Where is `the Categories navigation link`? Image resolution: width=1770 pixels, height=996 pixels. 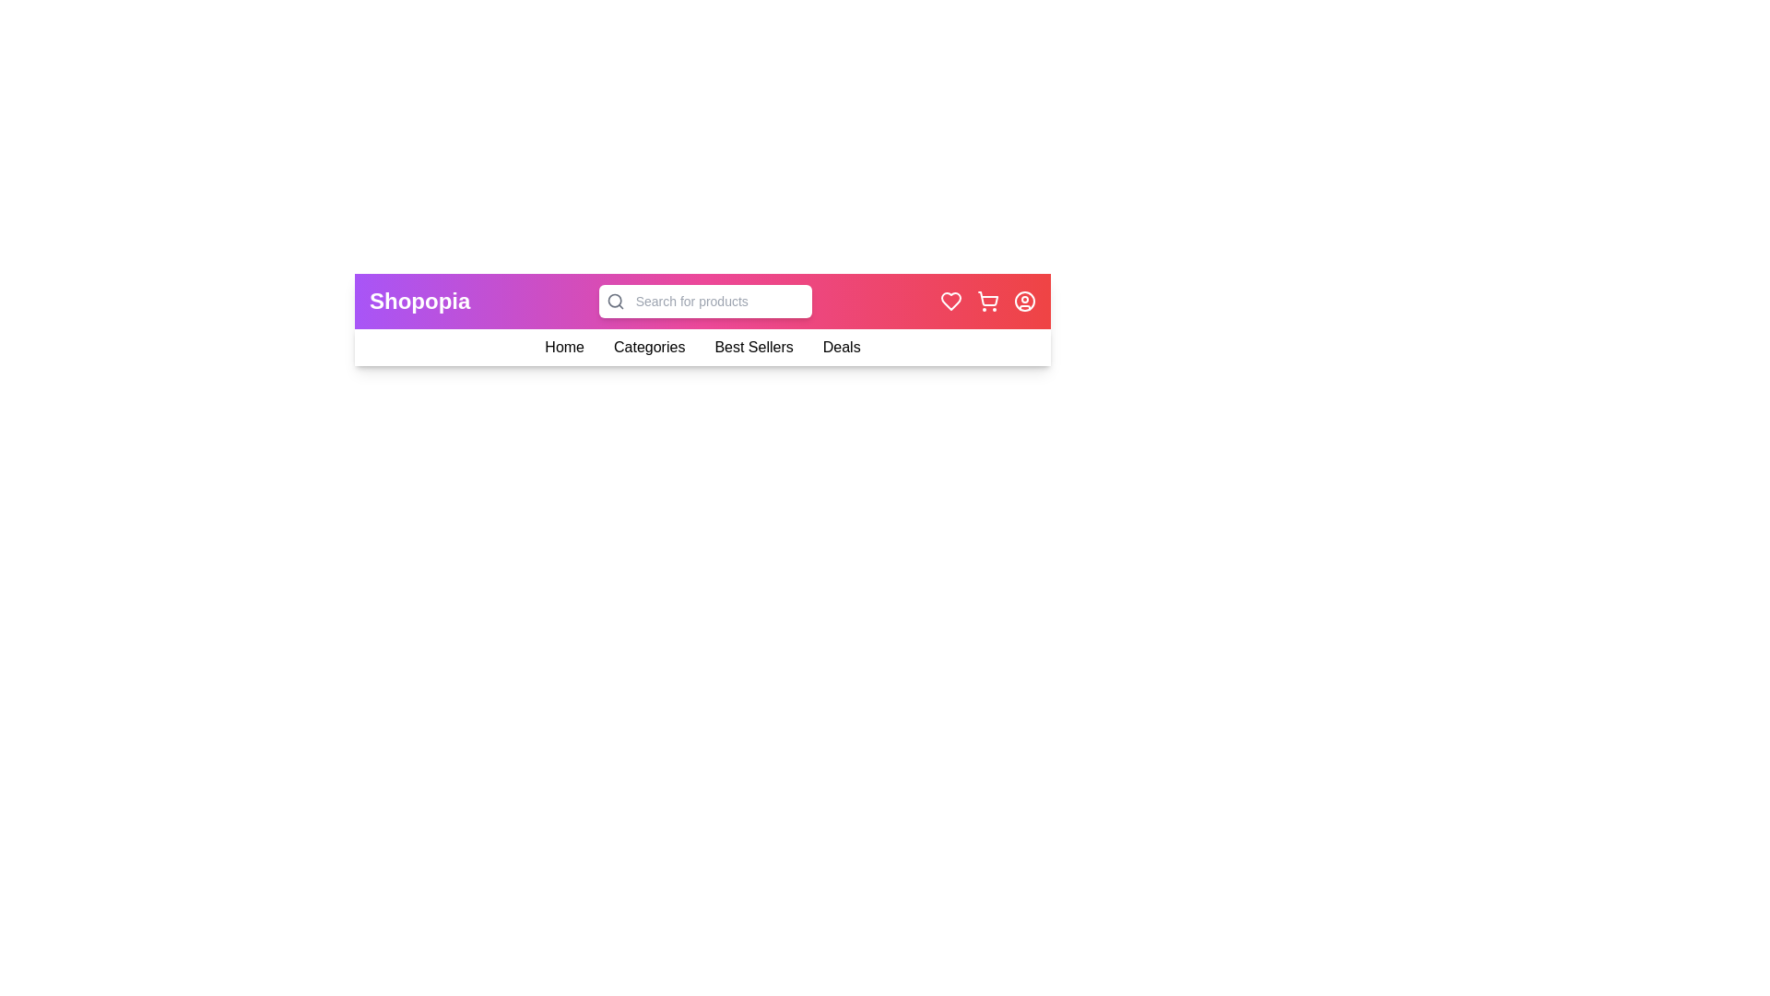 the Categories navigation link is located at coordinates (649, 348).